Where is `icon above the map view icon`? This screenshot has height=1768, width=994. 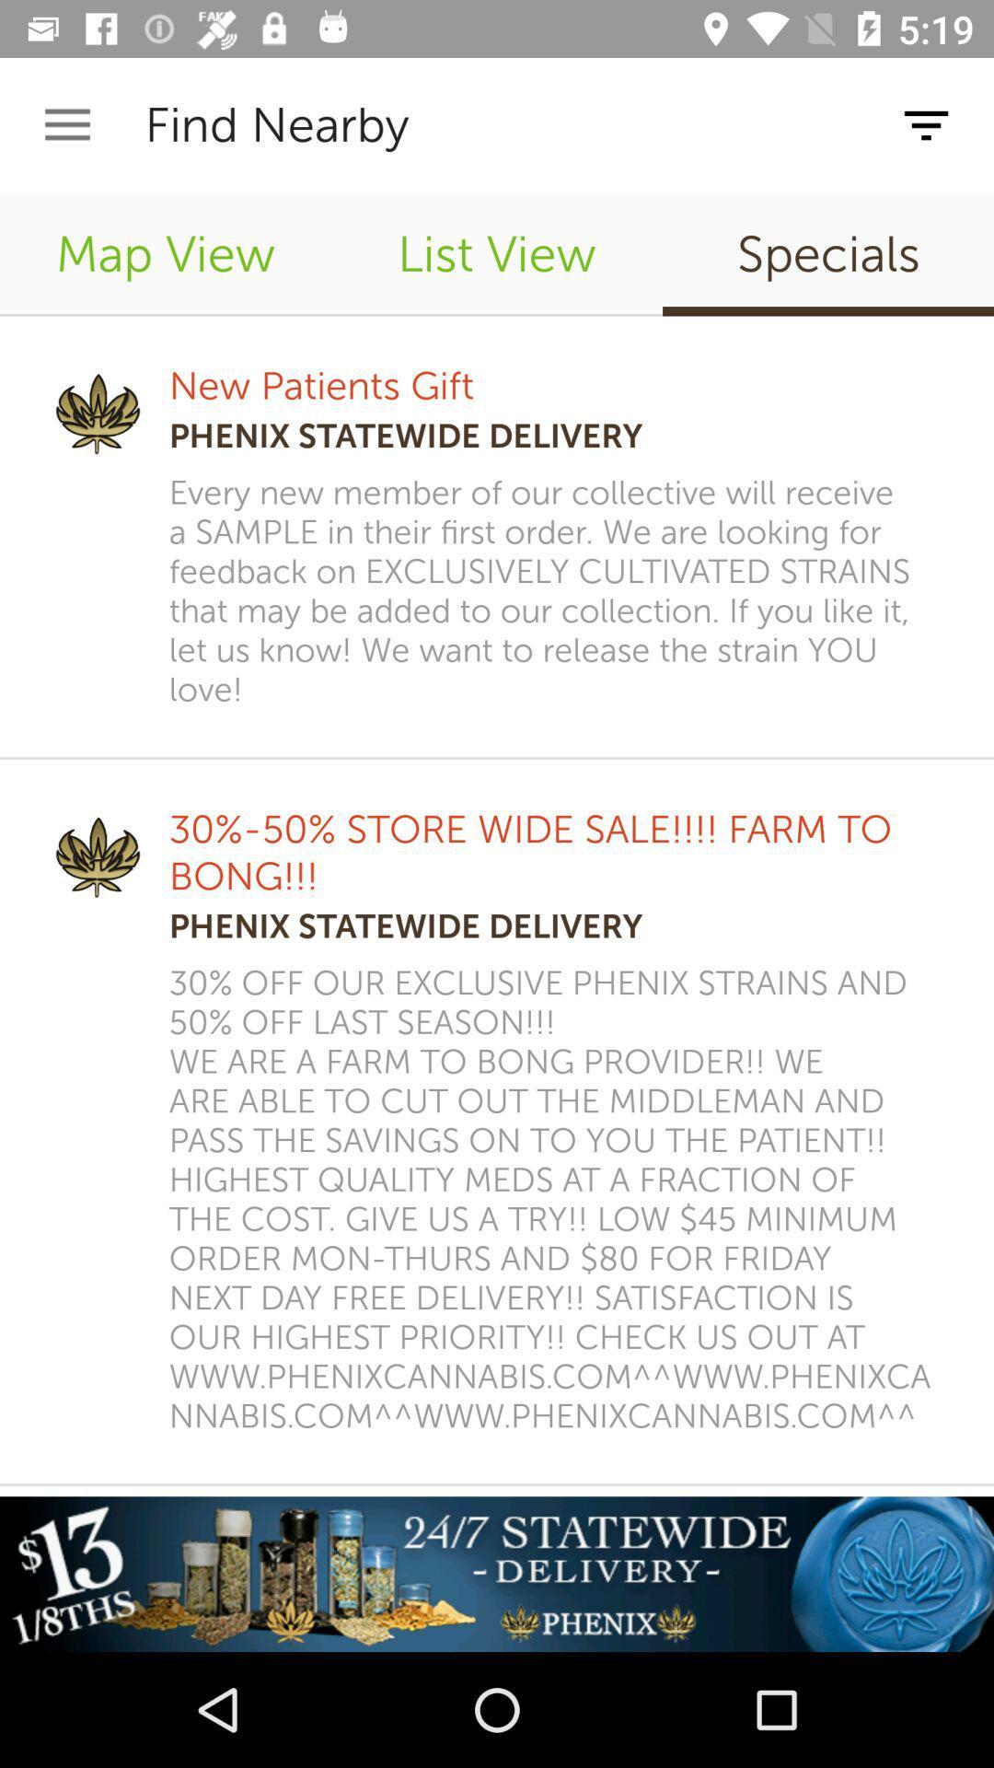 icon above the map view icon is located at coordinates (66, 124).